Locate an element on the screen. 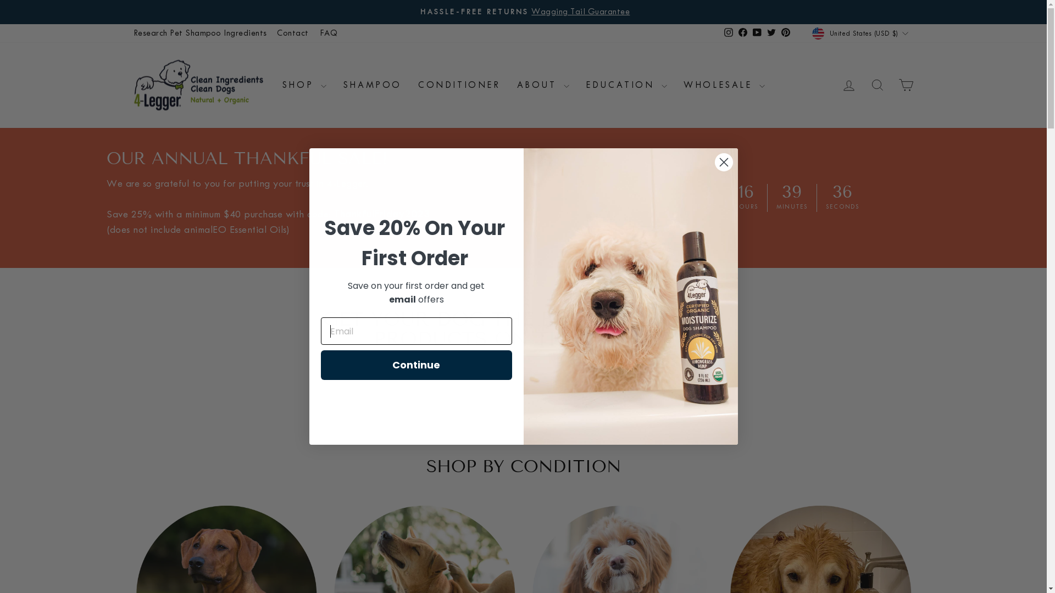 The height and width of the screenshot is (593, 1055). 'ICON-SEARCH is located at coordinates (876, 84).